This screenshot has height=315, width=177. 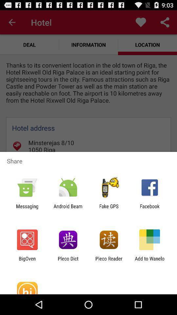 What do you see at coordinates (149, 209) in the screenshot?
I see `app to the right of fake gps item` at bounding box center [149, 209].